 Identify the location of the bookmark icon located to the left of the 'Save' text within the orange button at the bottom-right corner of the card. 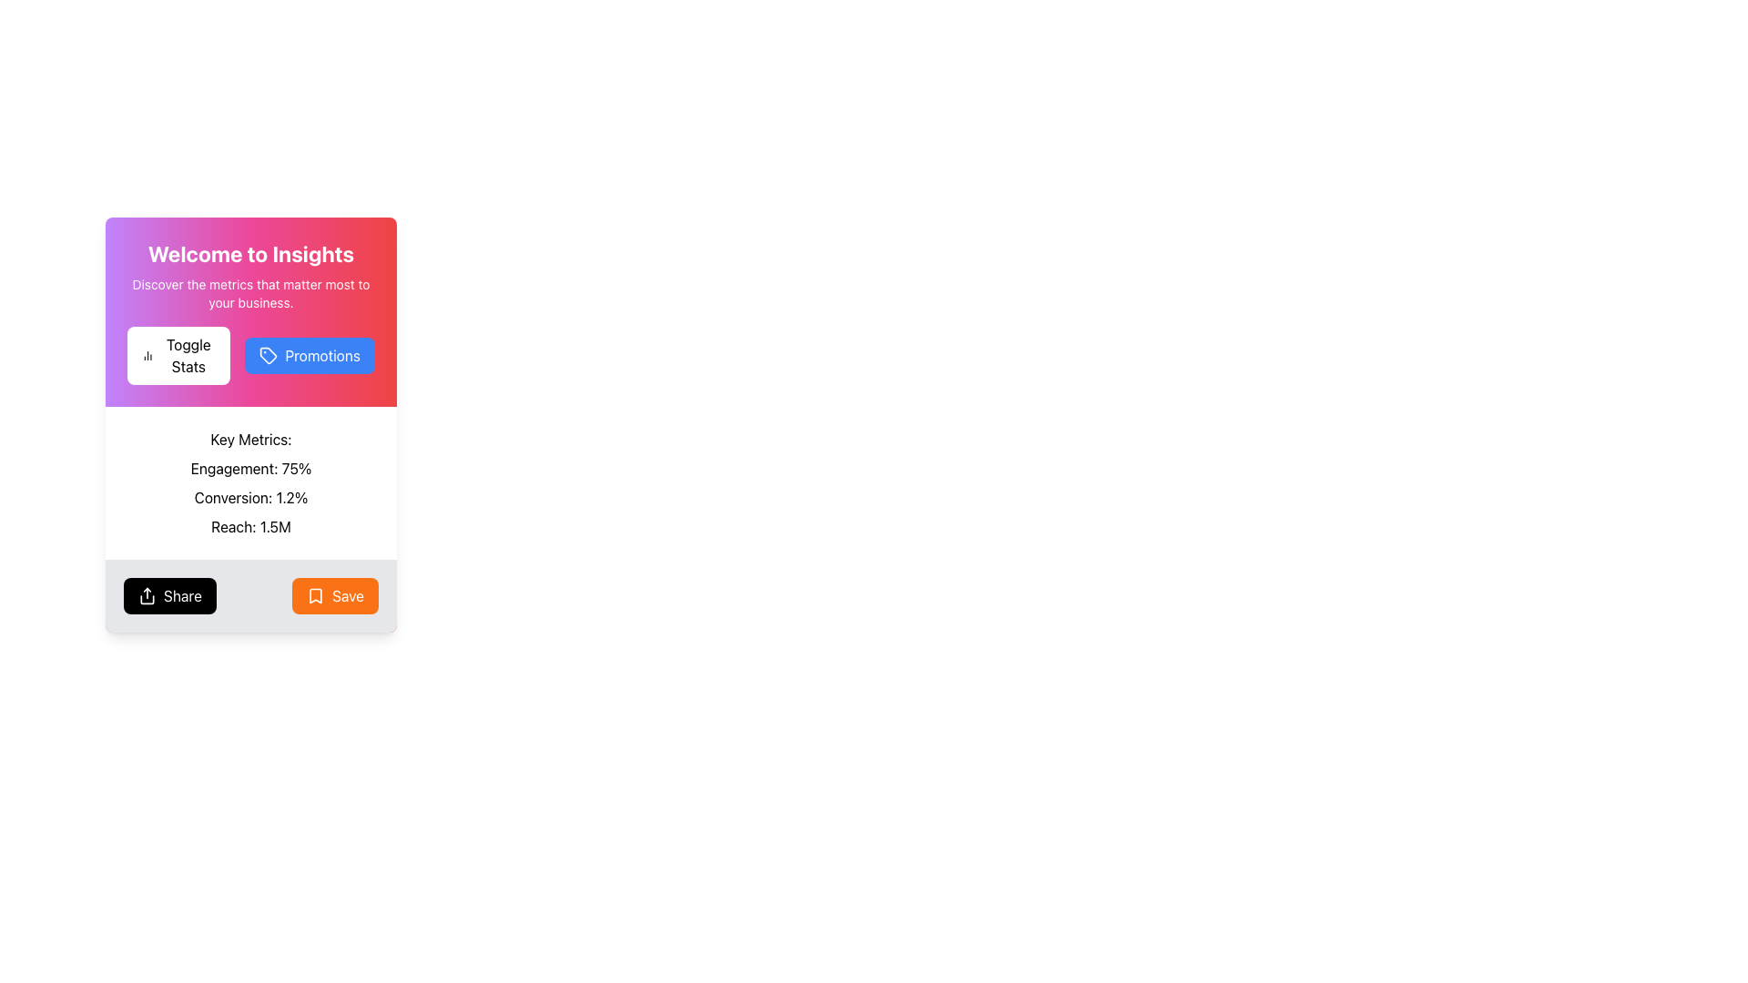
(315, 596).